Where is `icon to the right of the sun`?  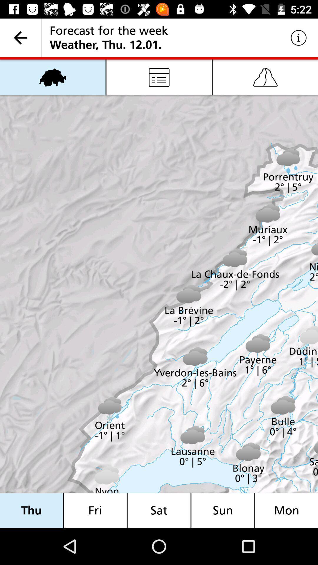 icon to the right of the sun is located at coordinates (286, 510).